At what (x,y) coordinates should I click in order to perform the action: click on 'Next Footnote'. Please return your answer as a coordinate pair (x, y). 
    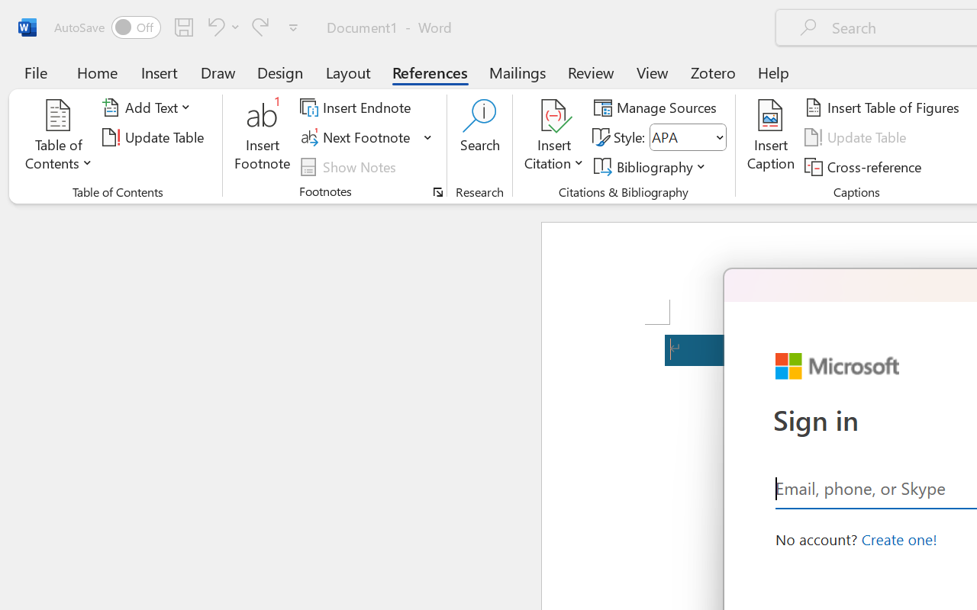
    Looking at the image, I should click on (366, 136).